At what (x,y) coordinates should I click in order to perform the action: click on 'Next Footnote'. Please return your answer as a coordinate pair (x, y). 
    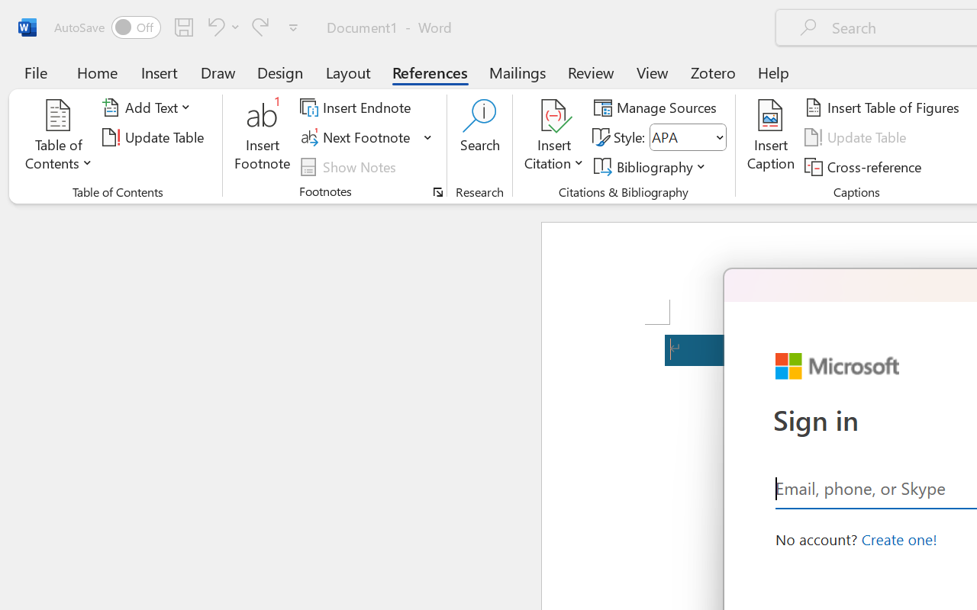
    Looking at the image, I should click on (366, 136).